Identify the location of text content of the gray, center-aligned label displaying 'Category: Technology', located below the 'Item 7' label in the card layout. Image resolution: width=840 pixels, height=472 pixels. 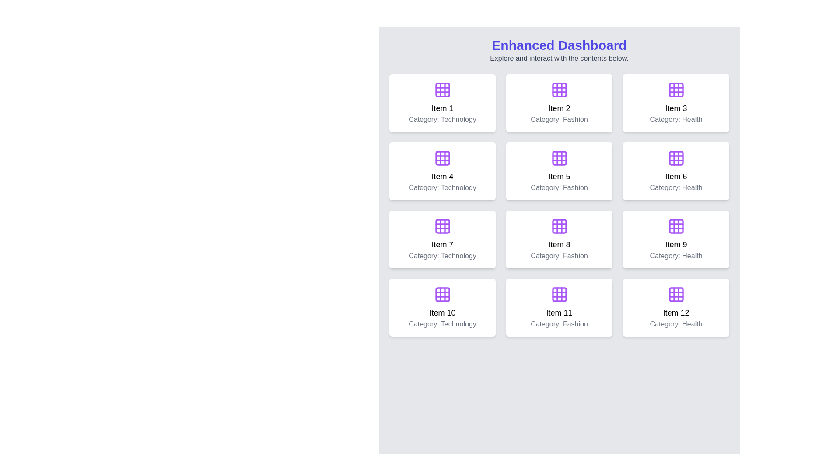
(442, 256).